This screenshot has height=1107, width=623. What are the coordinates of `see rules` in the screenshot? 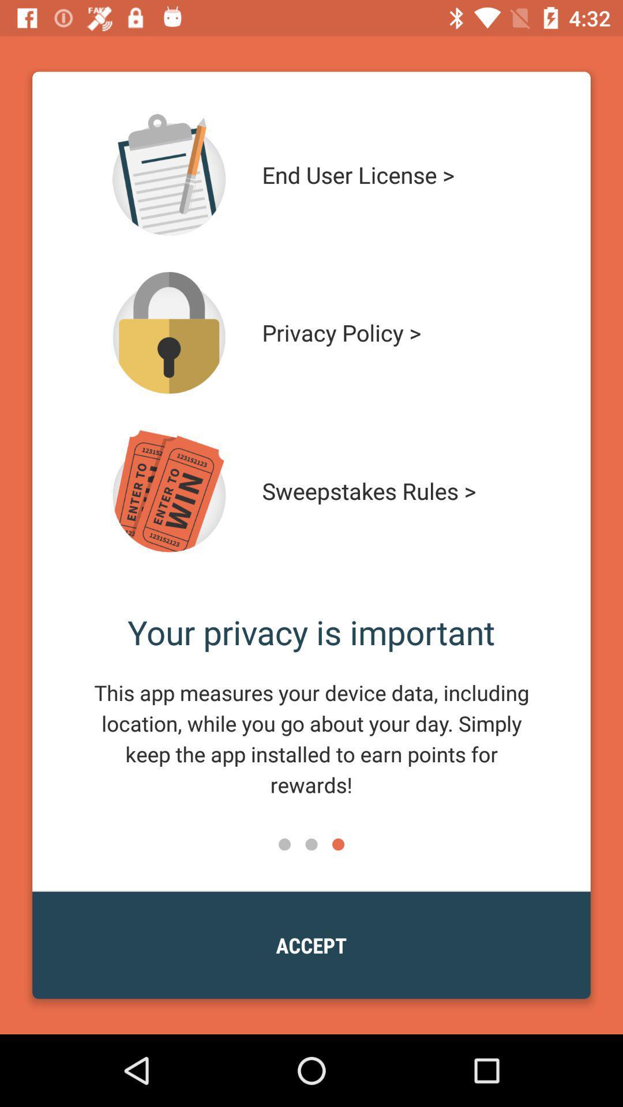 It's located at (169, 491).